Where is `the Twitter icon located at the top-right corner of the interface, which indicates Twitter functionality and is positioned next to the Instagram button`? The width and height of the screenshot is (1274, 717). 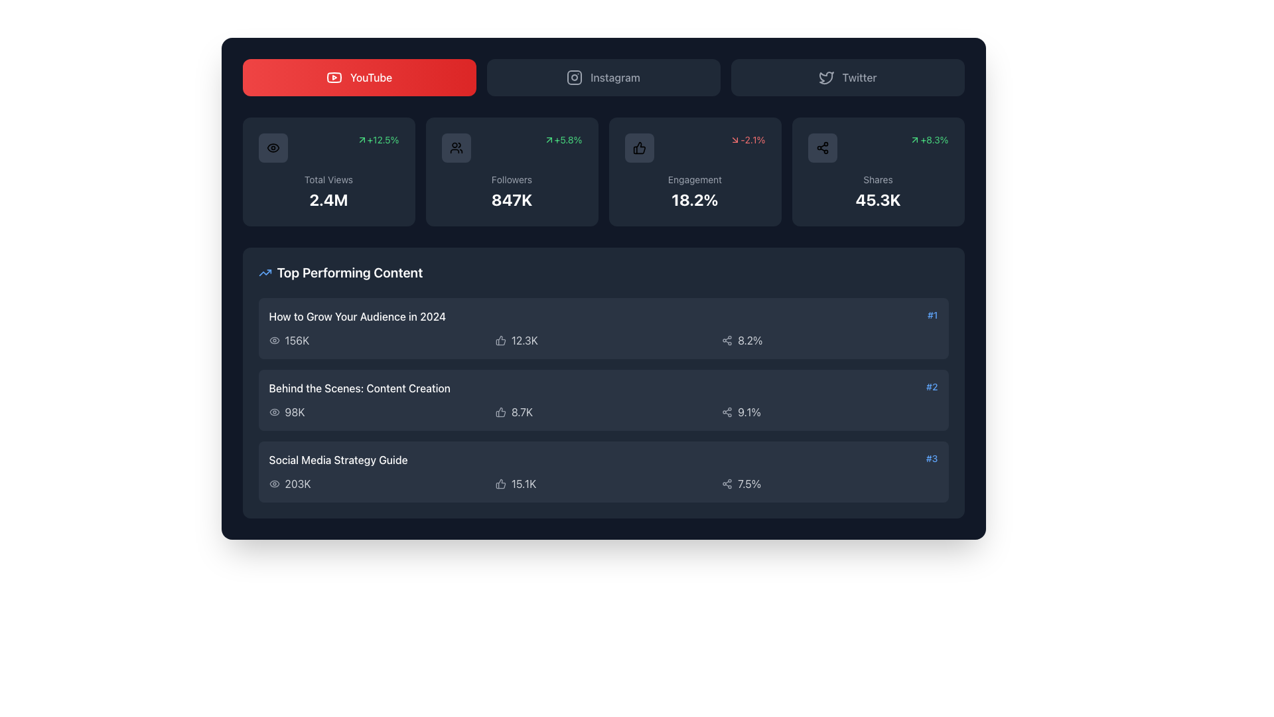 the Twitter icon located at the top-right corner of the interface, which indicates Twitter functionality and is positioned next to the Instagram button is located at coordinates (825, 77).